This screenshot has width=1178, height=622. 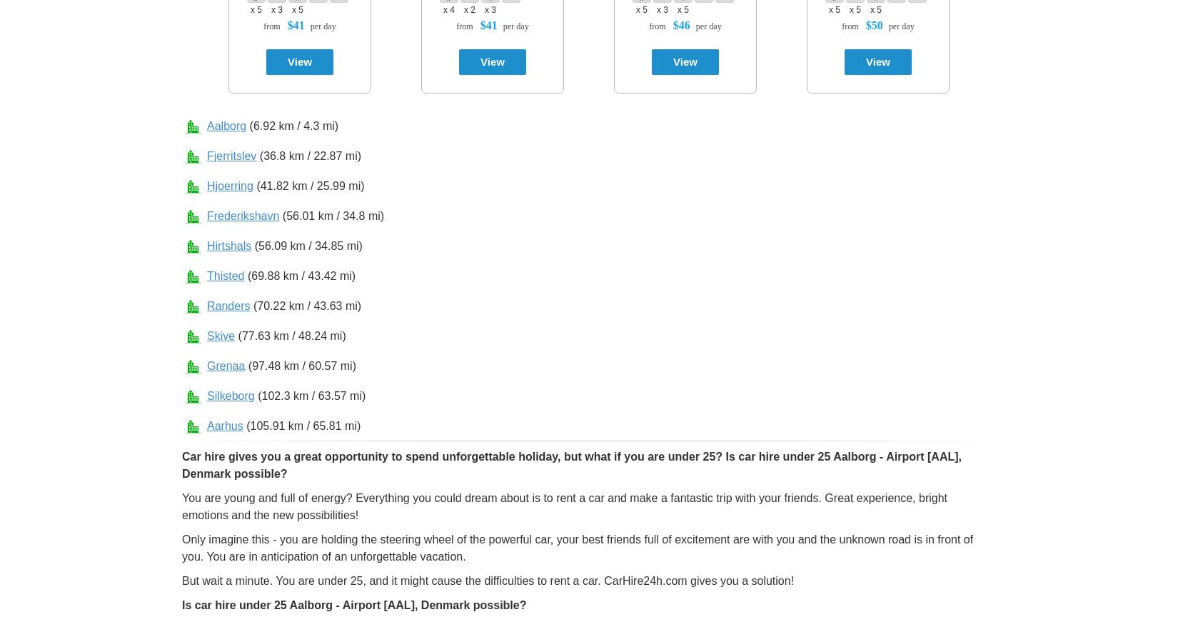 What do you see at coordinates (353, 605) in the screenshot?
I see `'Is car hire under 25 Aalborg - Airport [AAL], Denmark possible?'` at bounding box center [353, 605].